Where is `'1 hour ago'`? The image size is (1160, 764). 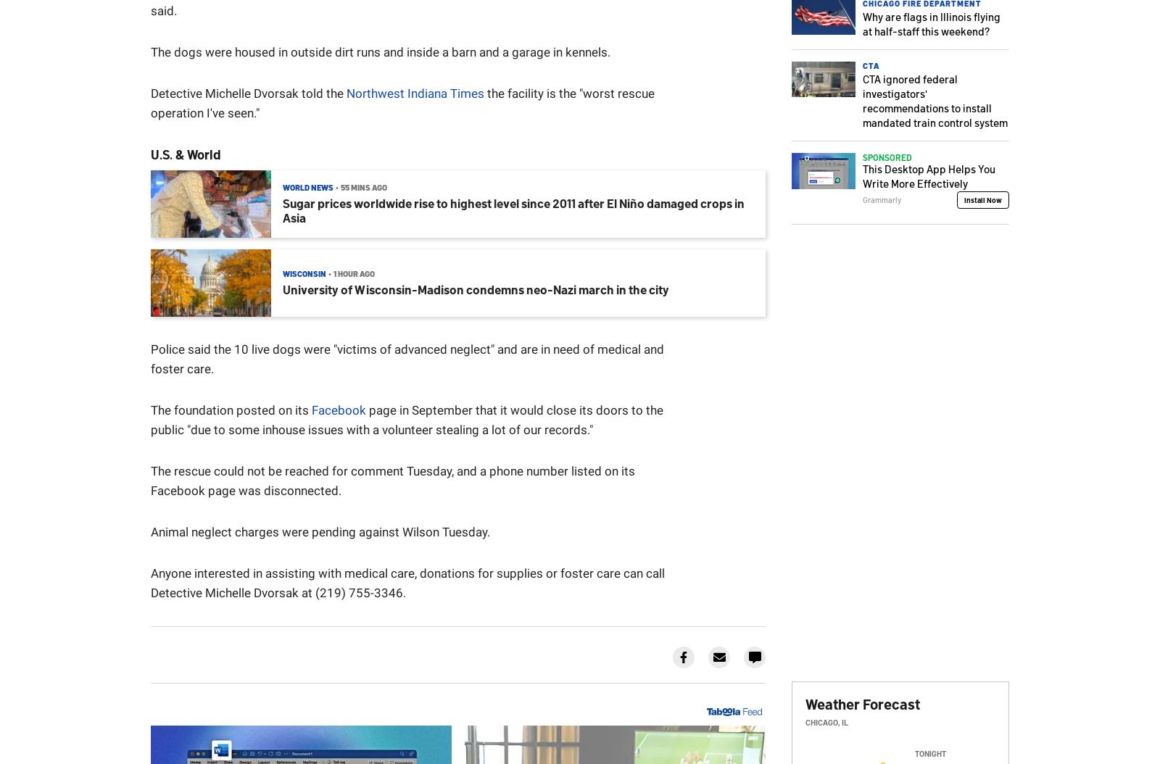
'1 hour ago' is located at coordinates (353, 272).